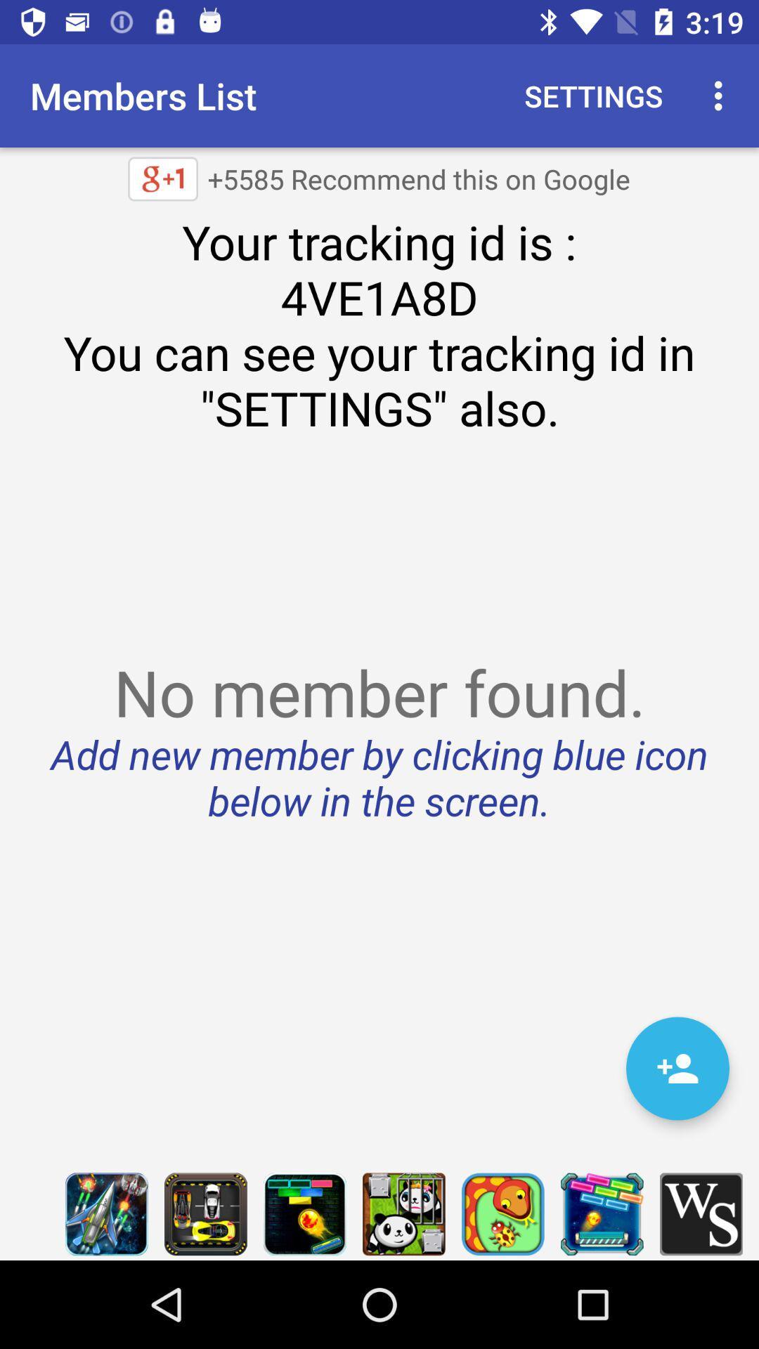 Image resolution: width=759 pixels, height=1349 pixels. What do you see at coordinates (722, 95) in the screenshot?
I see `item next to the settings` at bounding box center [722, 95].